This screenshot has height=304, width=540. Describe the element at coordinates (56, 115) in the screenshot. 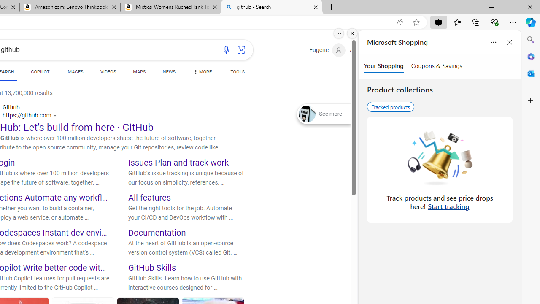

I see `'Actions for this site'` at that location.